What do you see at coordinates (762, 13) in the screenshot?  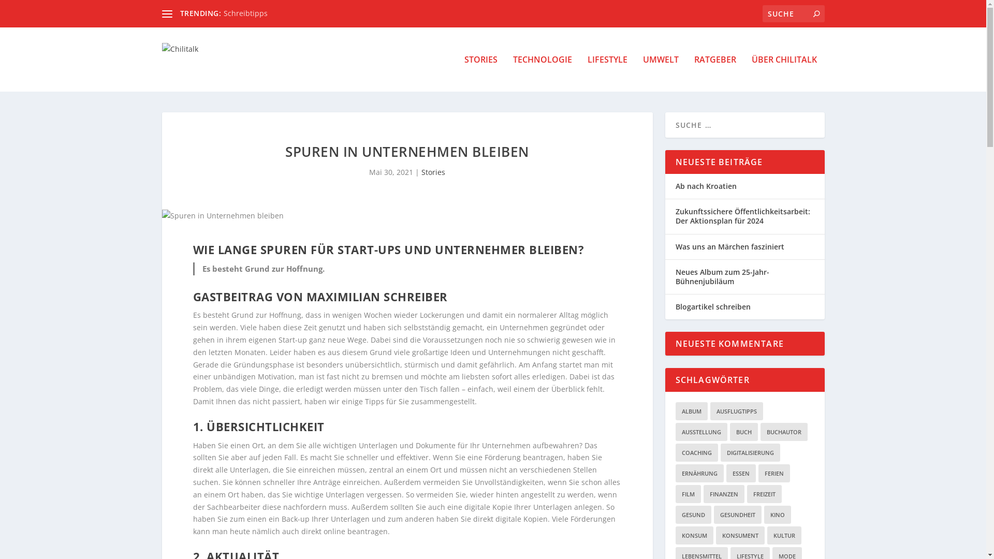 I see `'Suchen nach:'` at bounding box center [762, 13].